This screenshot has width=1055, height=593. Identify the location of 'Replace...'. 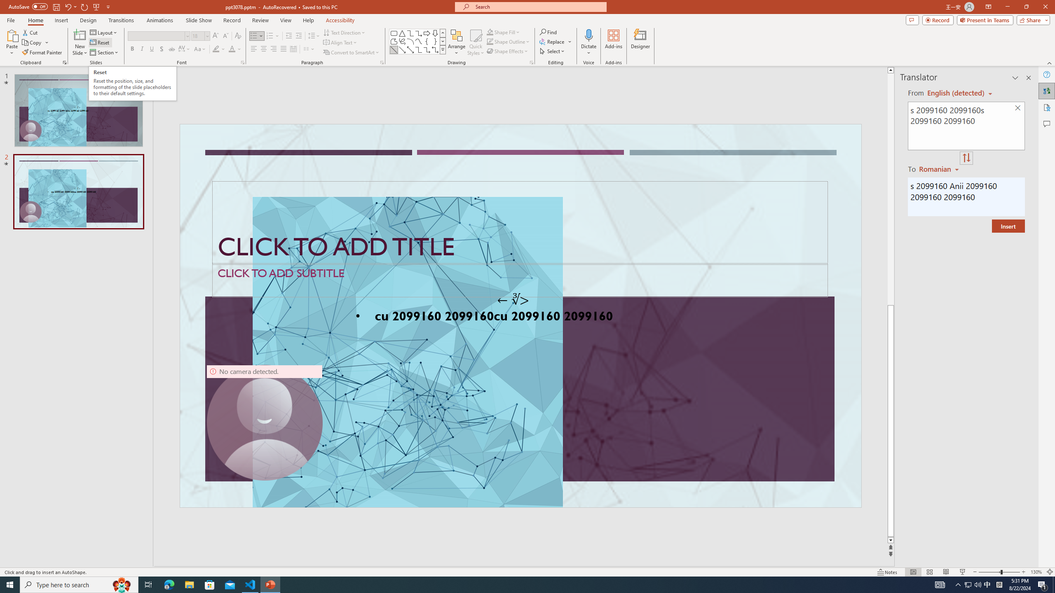
(553, 41).